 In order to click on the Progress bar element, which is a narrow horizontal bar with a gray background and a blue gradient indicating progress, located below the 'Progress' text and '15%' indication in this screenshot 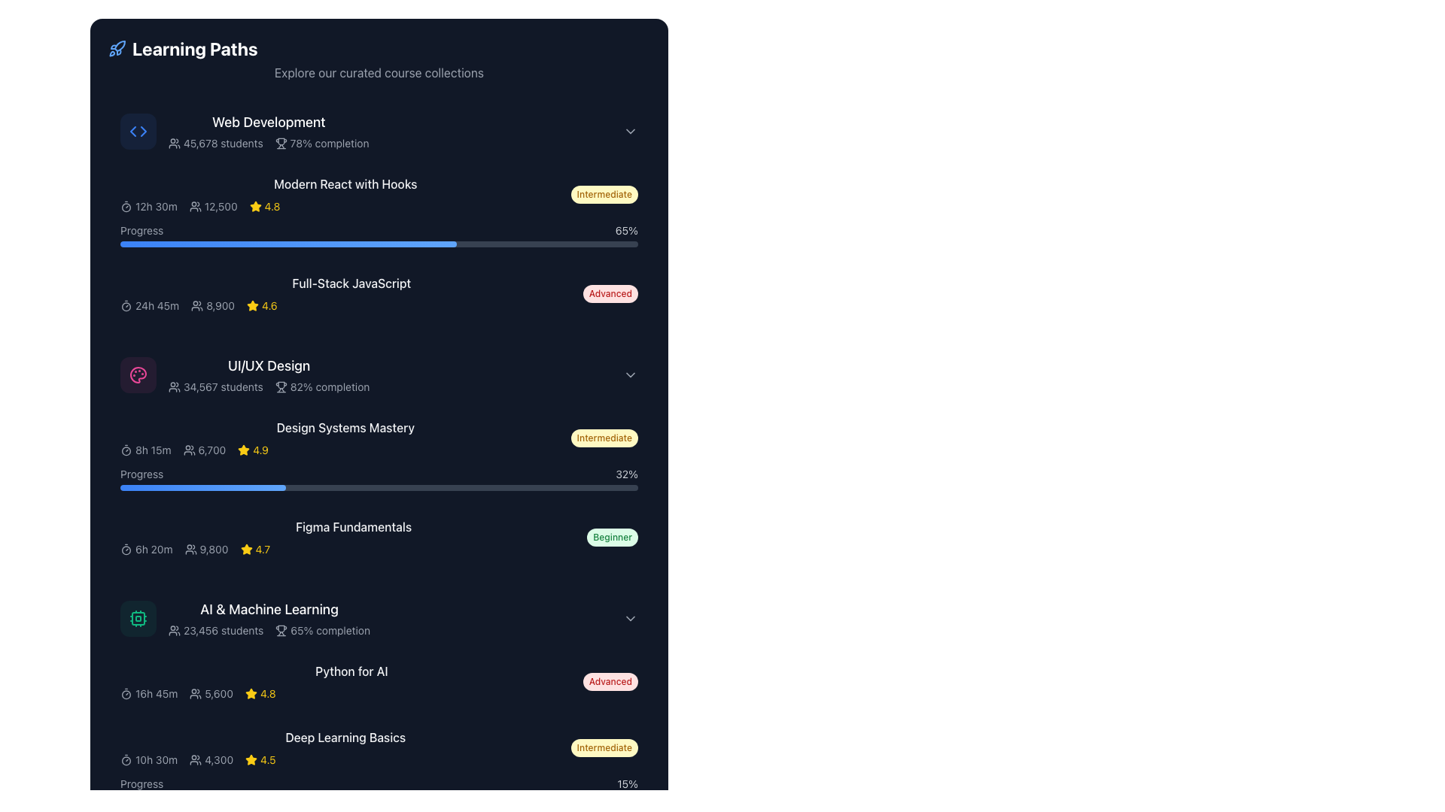, I will do `click(379, 796)`.